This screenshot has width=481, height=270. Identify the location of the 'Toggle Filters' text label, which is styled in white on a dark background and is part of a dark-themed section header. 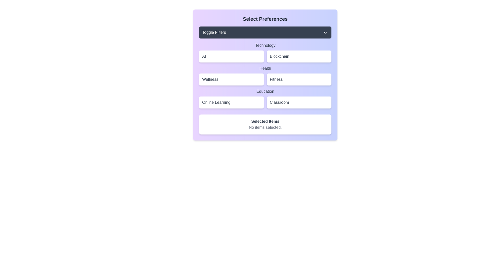
(214, 32).